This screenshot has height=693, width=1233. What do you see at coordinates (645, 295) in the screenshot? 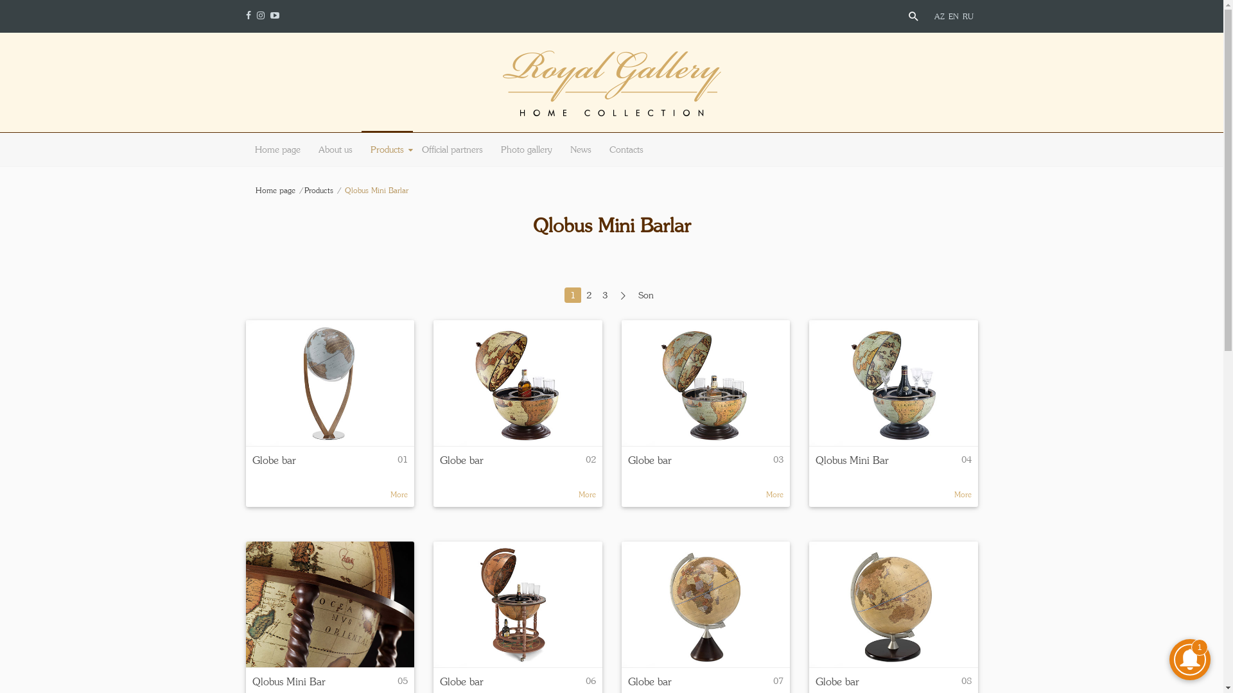
I see `'Son'` at bounding box center [645, 295].